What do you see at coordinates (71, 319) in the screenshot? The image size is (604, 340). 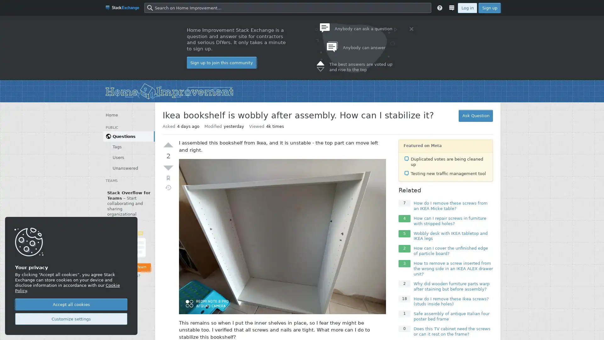 I see `Customize settings` at bounding box center [71, 319].